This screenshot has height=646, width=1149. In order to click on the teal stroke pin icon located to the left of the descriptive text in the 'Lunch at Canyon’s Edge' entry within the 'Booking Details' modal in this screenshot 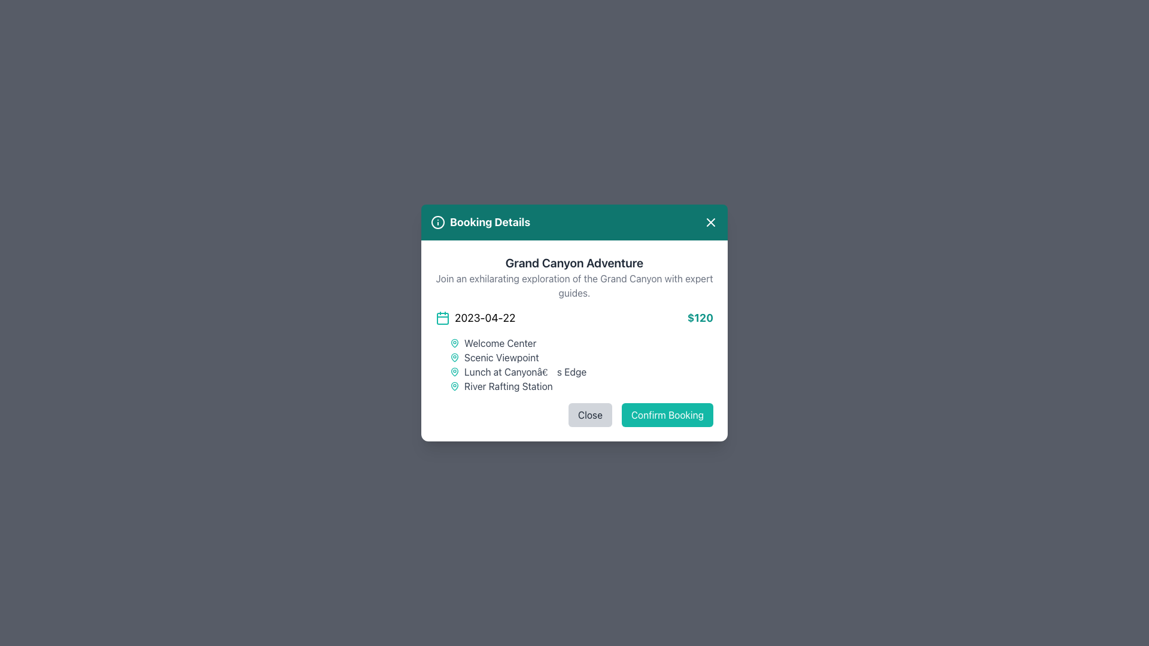, I will do `click(454, 371)`.